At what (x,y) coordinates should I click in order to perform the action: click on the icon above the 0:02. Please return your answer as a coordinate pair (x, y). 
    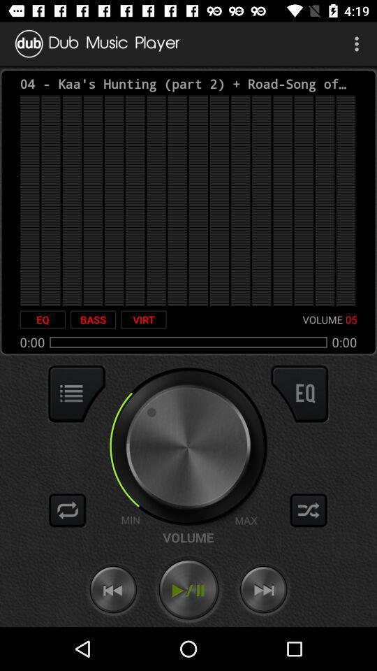
    Looking at the image, I should click on (43, 319).